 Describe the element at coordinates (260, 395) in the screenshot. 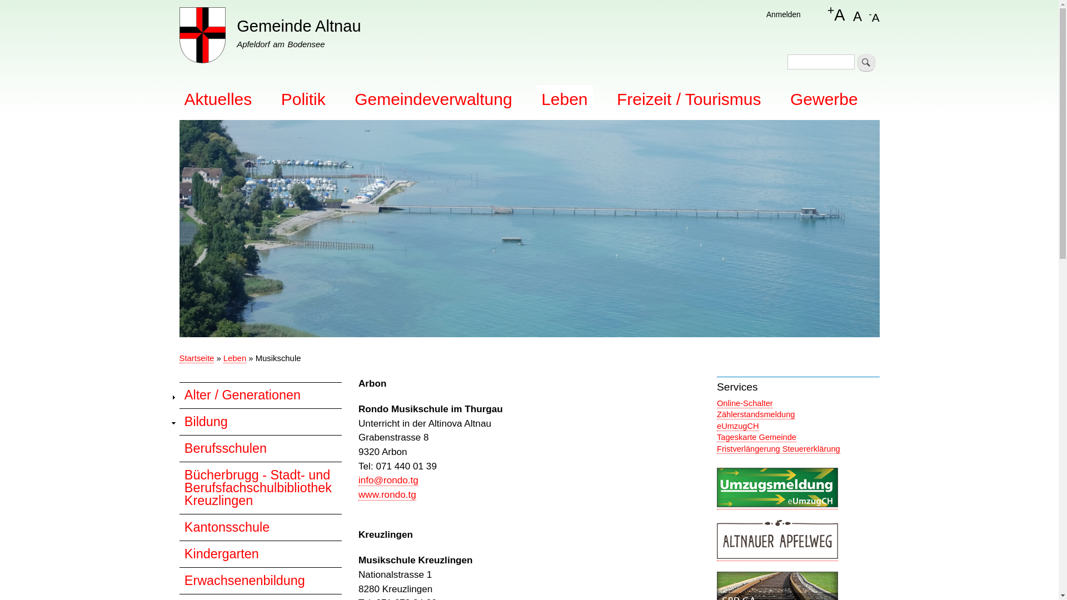

I see `'Alter / Generationen'` at that location.